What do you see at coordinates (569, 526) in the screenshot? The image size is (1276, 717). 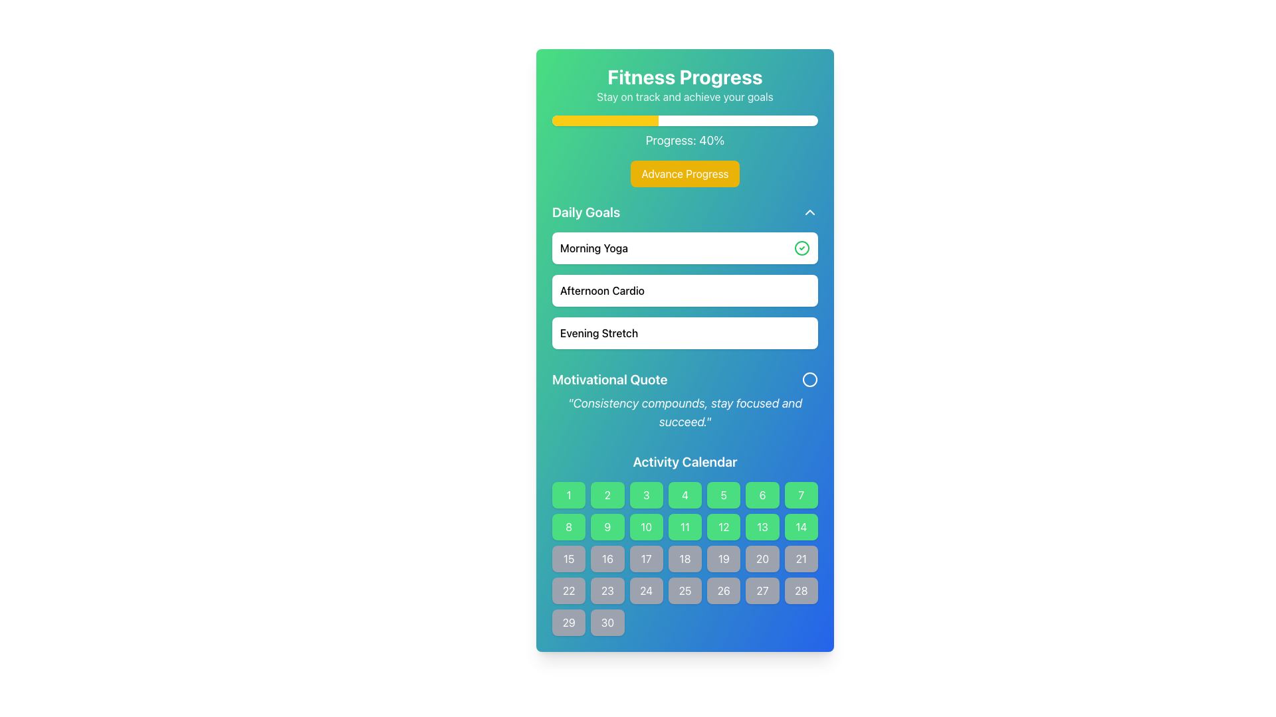 I see `the light green rectangular button displaying the number '8' in white, located in the 'Activity Calendar' grid, second row, first item` at bounding box center [569, 526].